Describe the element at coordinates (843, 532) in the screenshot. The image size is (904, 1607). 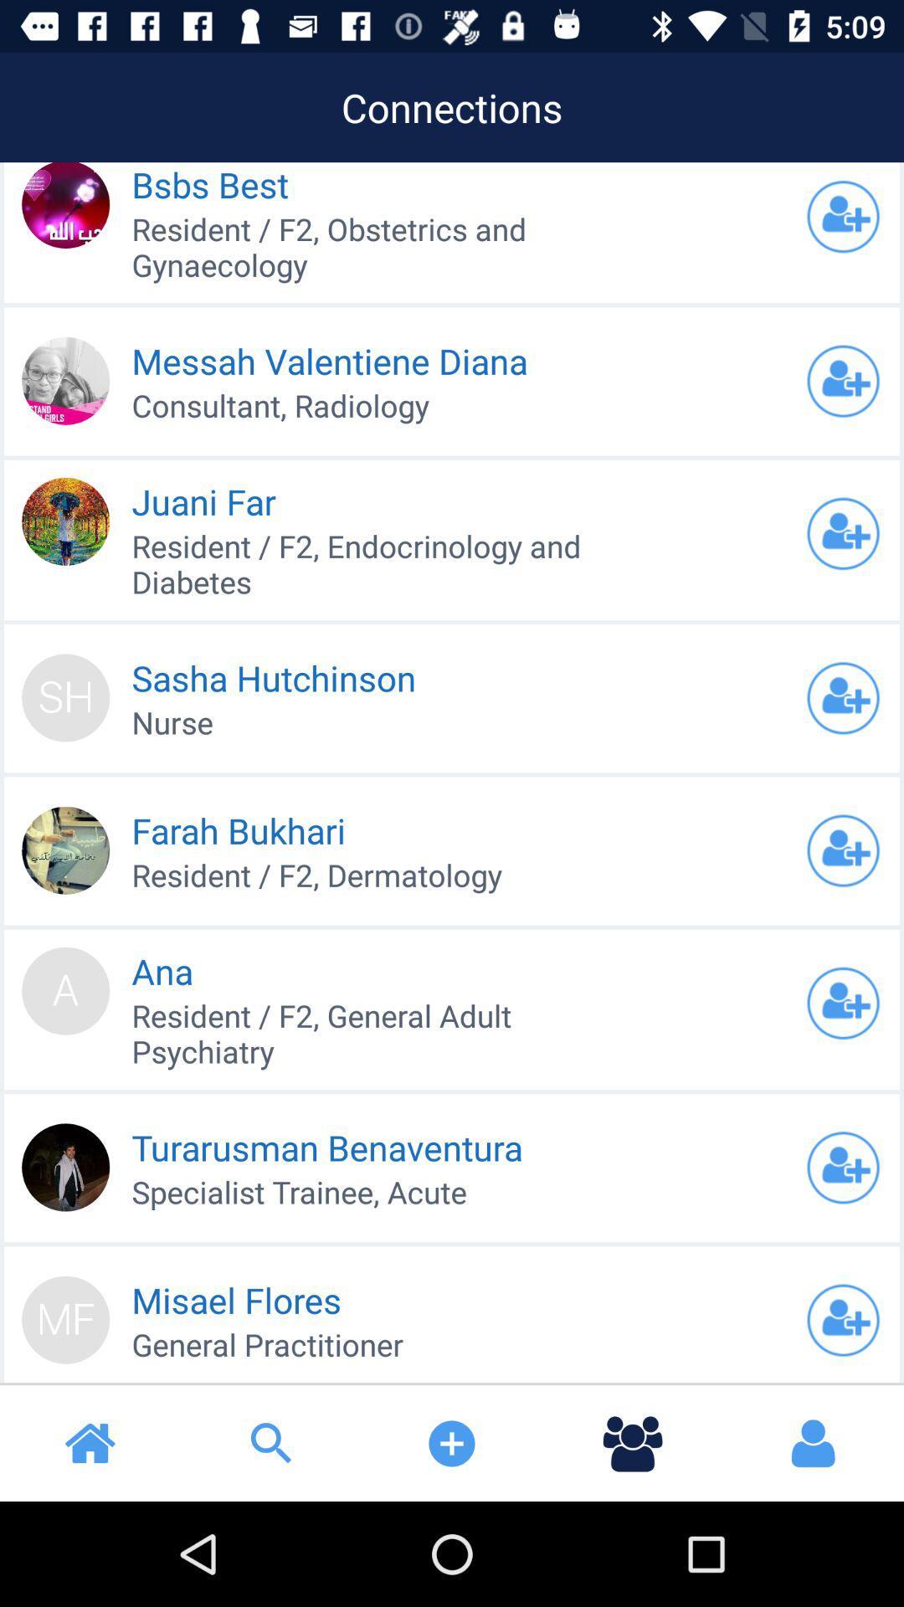
I see `contact` at that location.